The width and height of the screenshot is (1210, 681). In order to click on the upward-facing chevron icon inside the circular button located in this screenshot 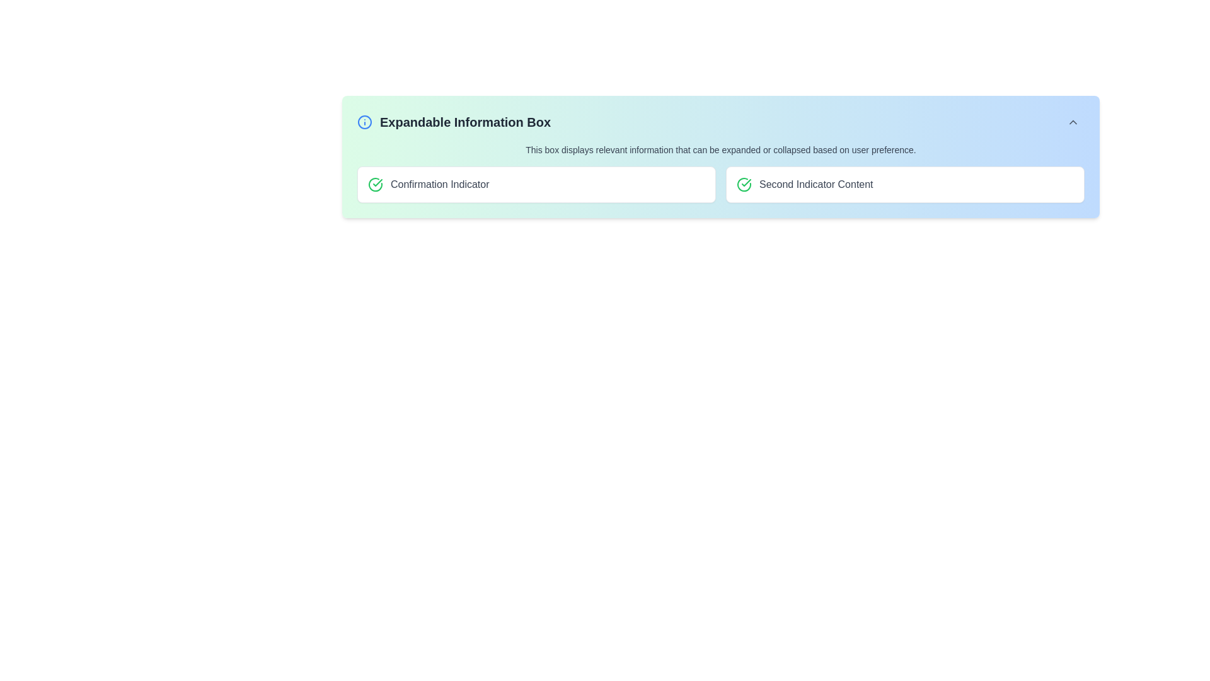, I will do `click(1073, 122)`.